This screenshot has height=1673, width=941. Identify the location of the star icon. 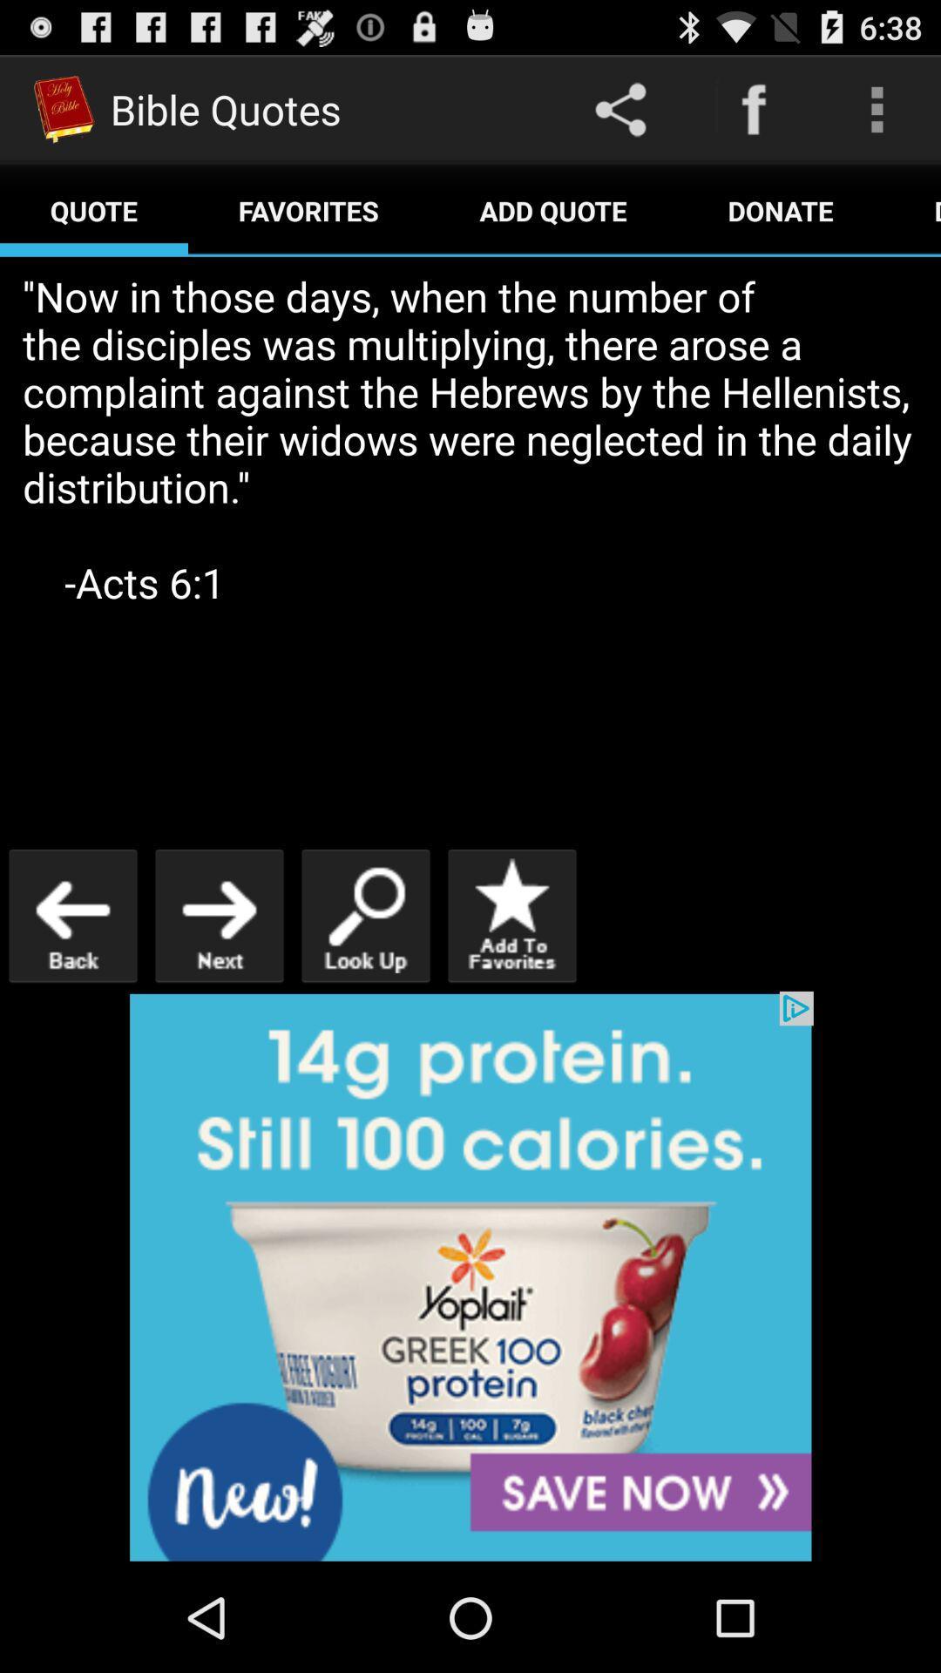
(511, 979).